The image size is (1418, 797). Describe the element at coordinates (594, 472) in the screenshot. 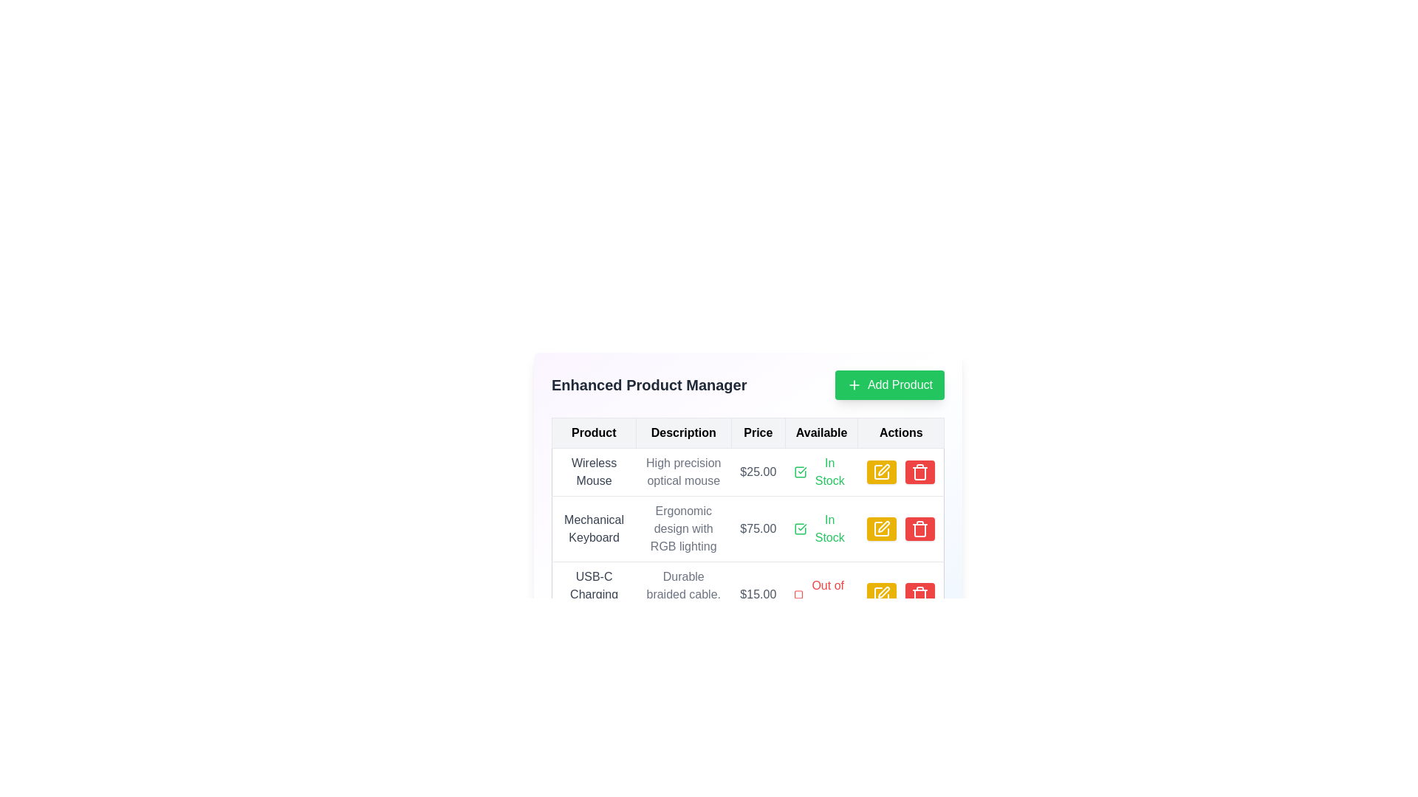

I see `the static text element displaying the product name 'Wireless Mouse', which is the first item in the 'Product' column of the table` at that location.